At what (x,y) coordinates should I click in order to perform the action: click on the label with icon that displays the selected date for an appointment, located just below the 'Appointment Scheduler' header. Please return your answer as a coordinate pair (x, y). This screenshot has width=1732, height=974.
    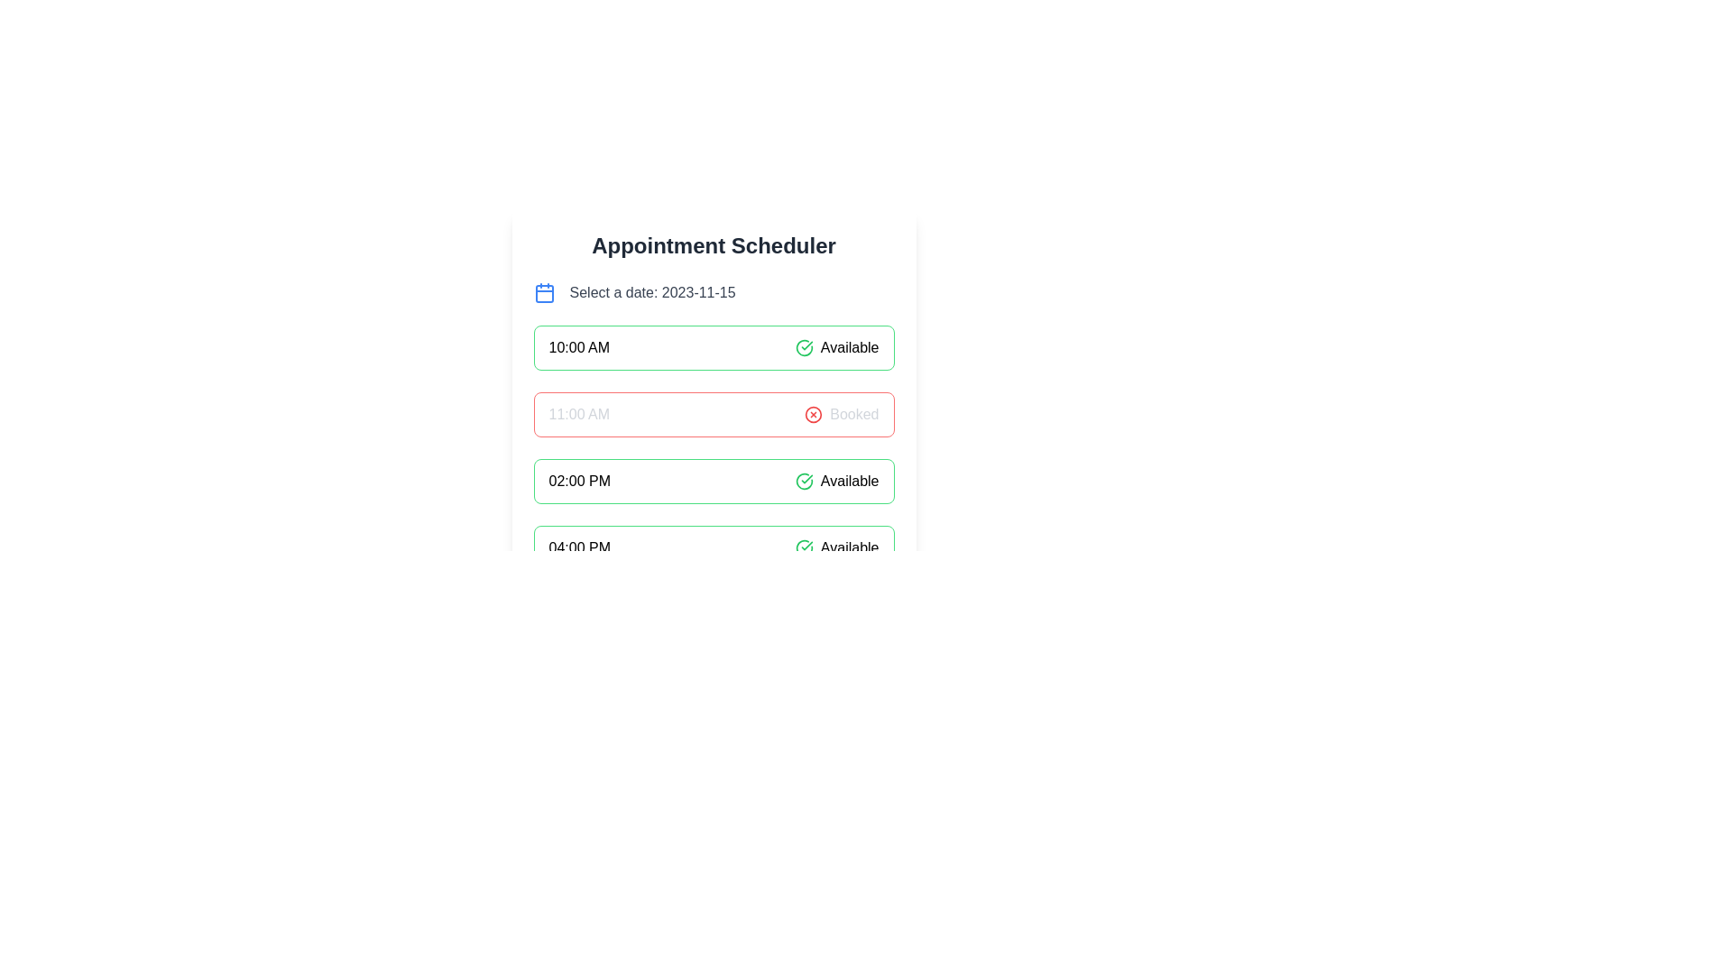
    Looking at the image, I should click on (713, 291).